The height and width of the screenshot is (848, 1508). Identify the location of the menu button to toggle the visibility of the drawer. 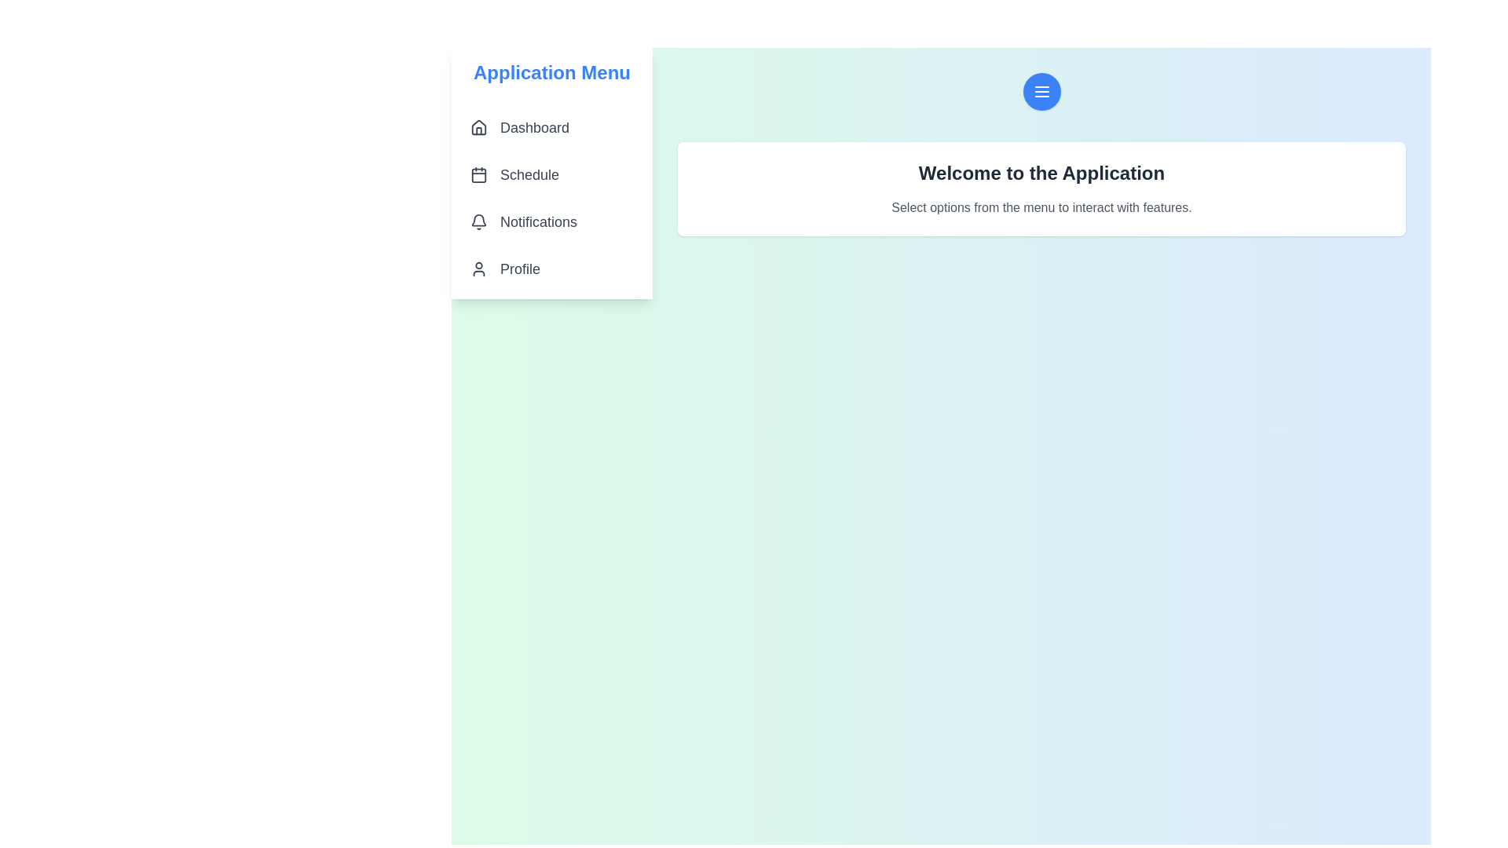
(1041, 91).